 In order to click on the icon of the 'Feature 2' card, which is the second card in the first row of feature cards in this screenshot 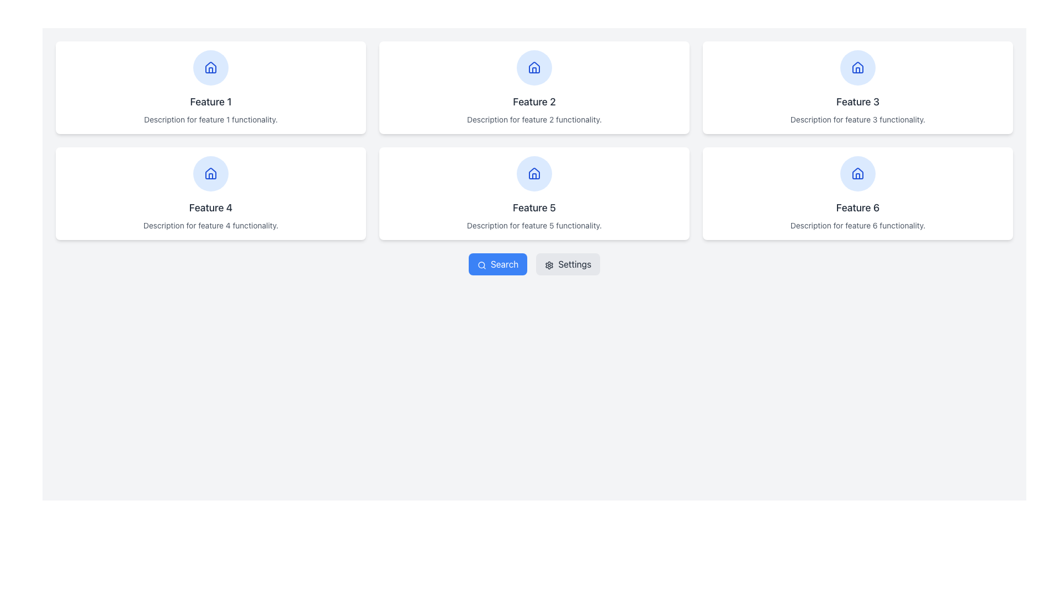, I will do `click(534, 87)`.